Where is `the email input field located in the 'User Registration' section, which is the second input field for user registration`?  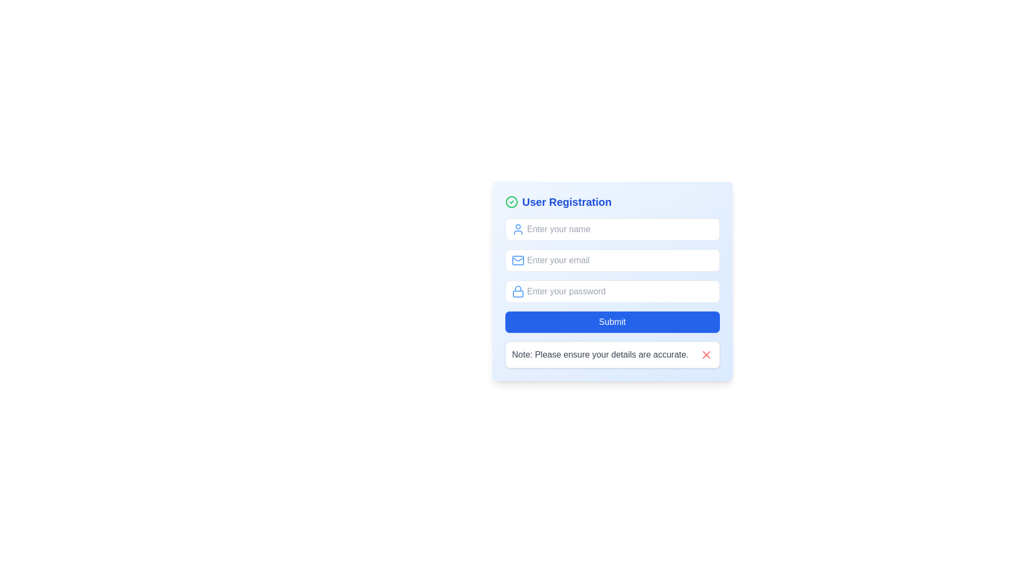
the email input field located in the 'User Registration' section, which is the second input field for user registration is located at coordinates (612, 274).